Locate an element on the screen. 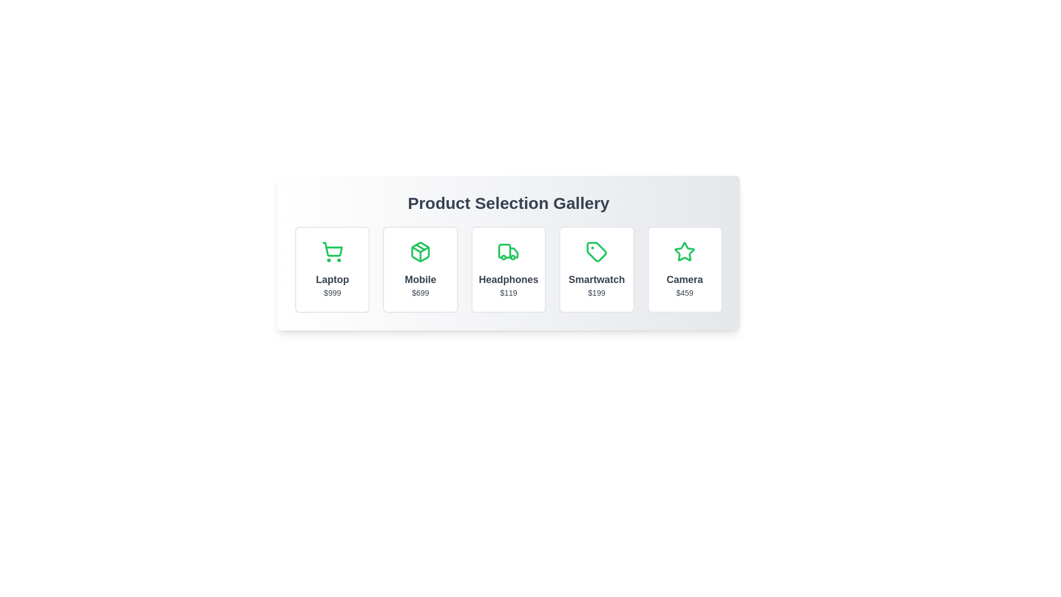 This screenshot has height=597, width=1061. the rating or favorite status icon located above the text 'Camera' in the card, positioned centrally in the upper-middle part of the card is located at coordinates (684, 252).